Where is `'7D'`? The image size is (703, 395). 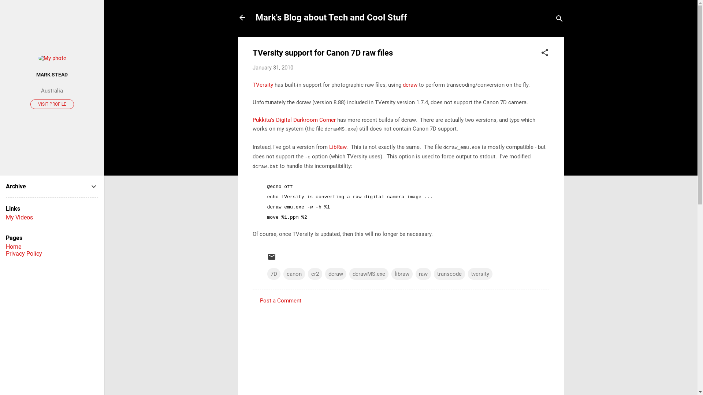 '7D' is located at coordinates (267, 274).